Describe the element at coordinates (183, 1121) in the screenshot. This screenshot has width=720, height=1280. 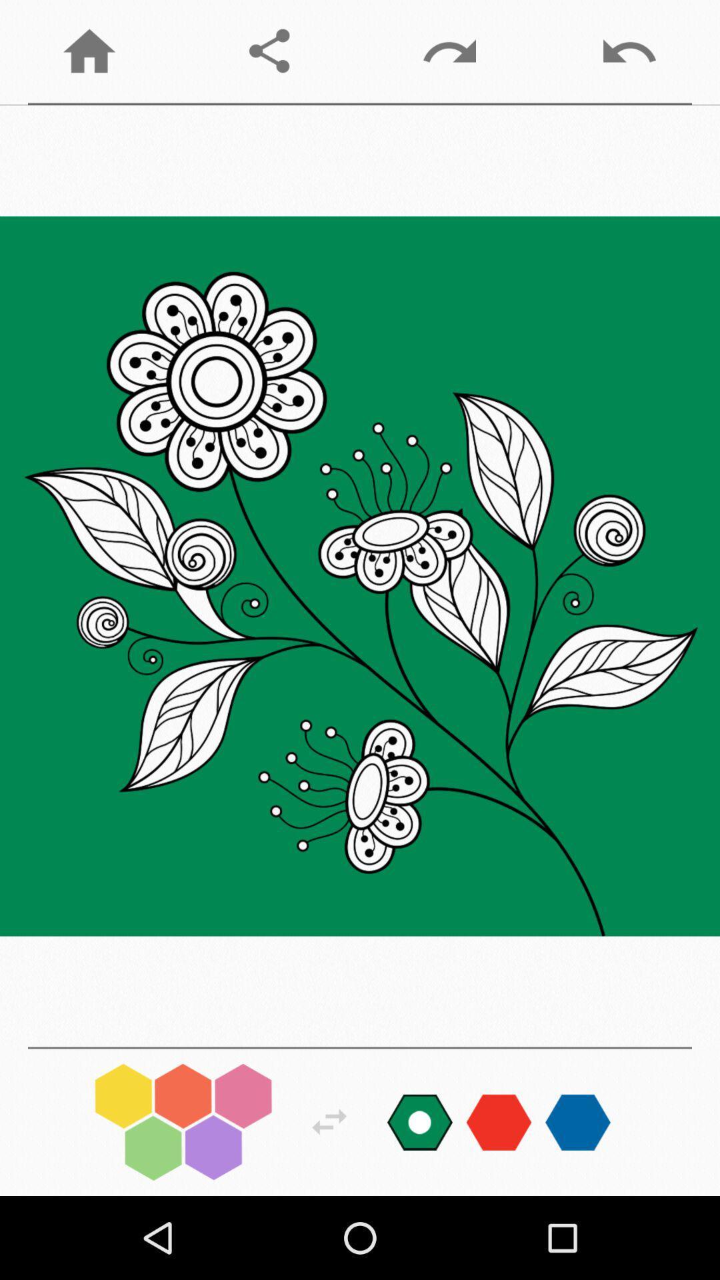
I see `pick colors` at that location.